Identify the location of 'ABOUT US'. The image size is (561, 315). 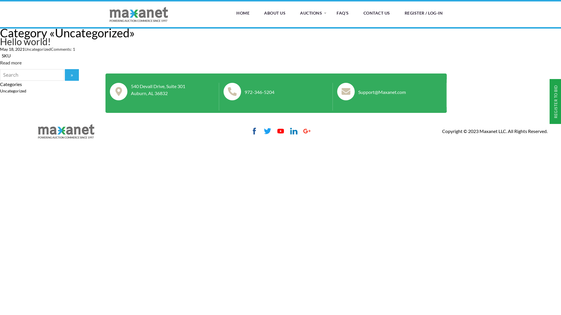
(274, 13).